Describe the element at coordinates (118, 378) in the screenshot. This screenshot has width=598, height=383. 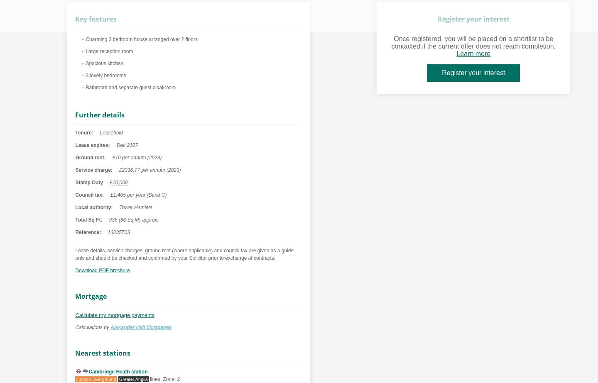
I see `'Greater Anglia'` at that location.